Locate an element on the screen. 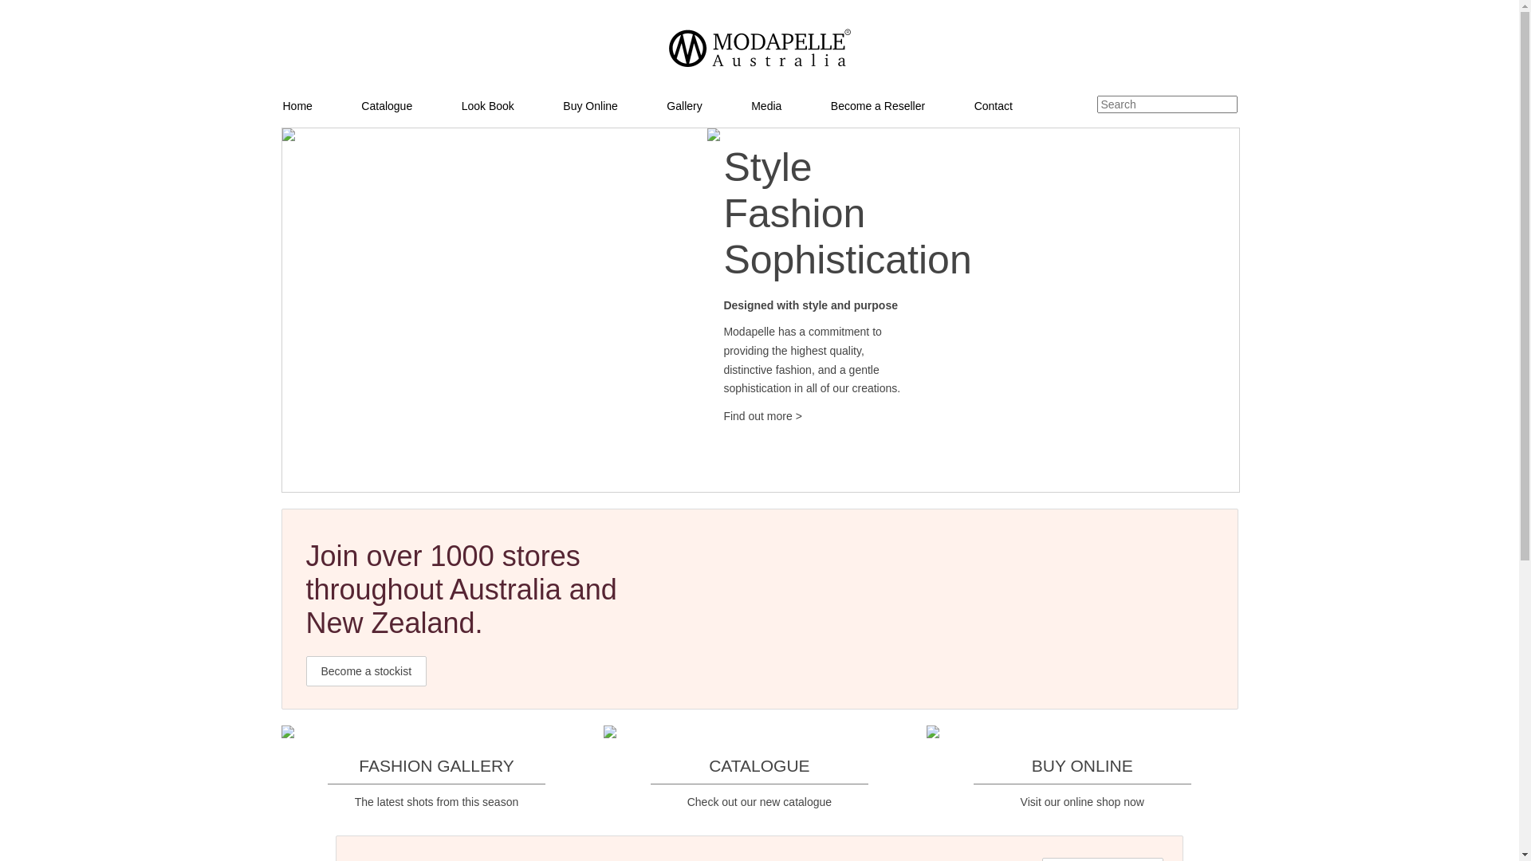 The width and height of the screenshot is (1531, 861). 'CATALOGUE is located at coordinates (603, 765).